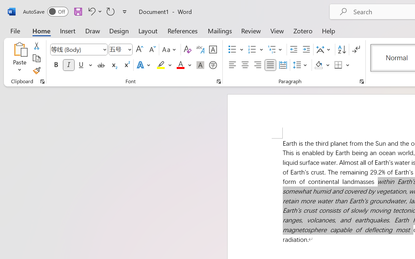 The width and height of the screenshot is (415, 259). I want to click on 'Help', so click(328, 30).